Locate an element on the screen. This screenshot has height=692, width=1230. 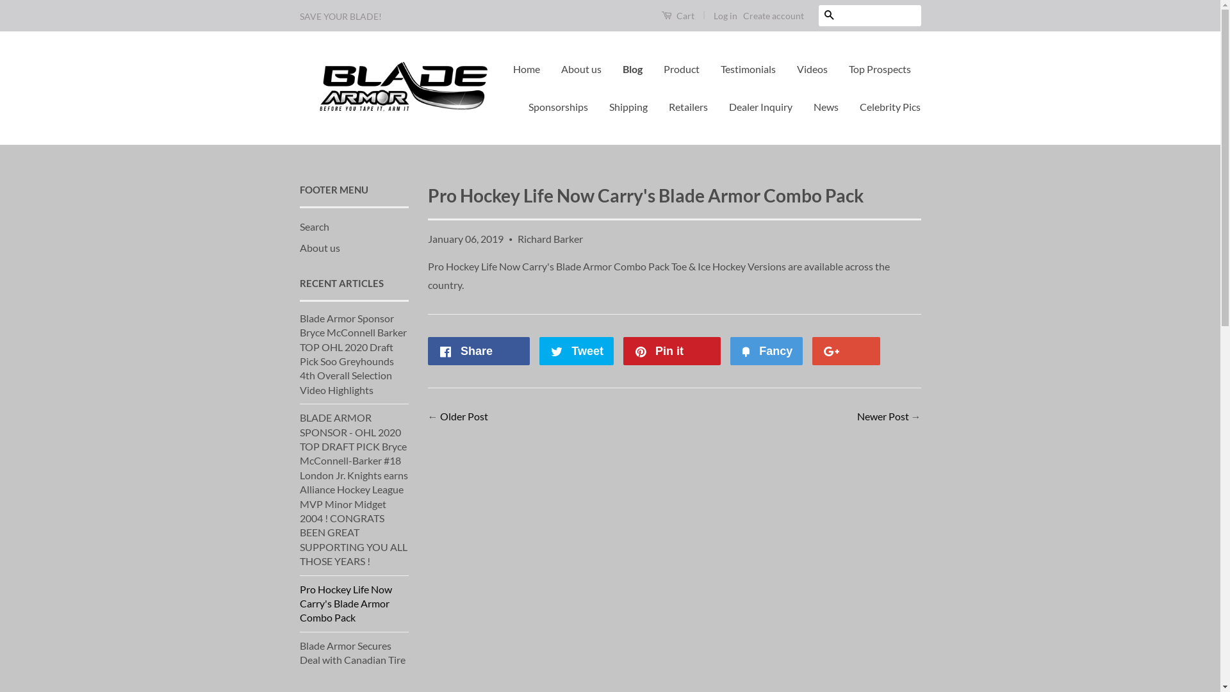
'Top Prospects' is located at coordinates (879, 69).